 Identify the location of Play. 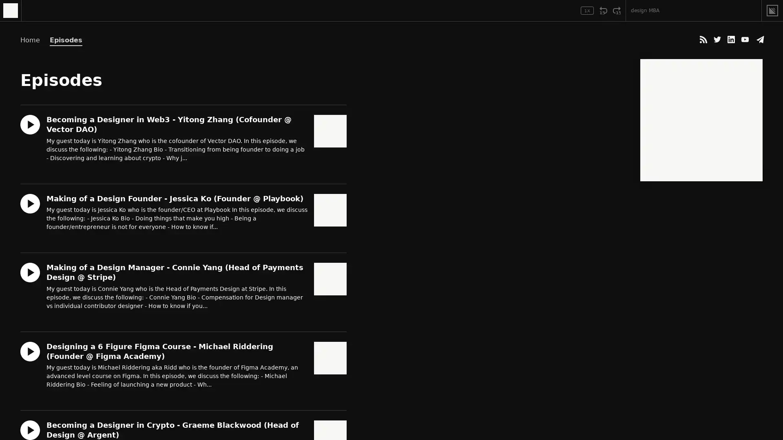
(31, 11).